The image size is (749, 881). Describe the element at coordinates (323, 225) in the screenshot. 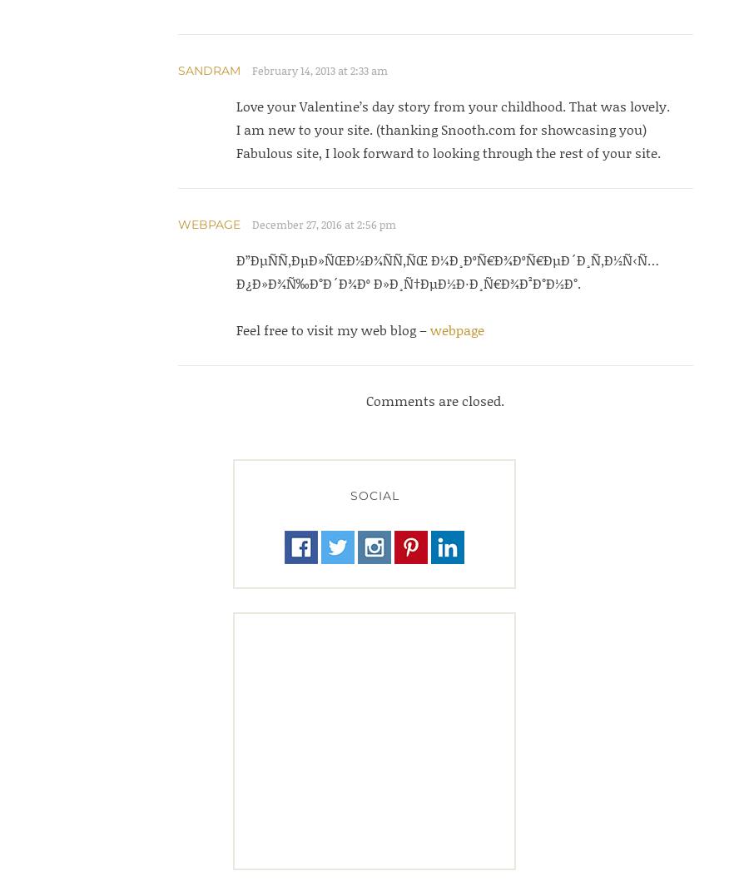

I see `'December 27, 2016 at 2:56 pm'` at that location.